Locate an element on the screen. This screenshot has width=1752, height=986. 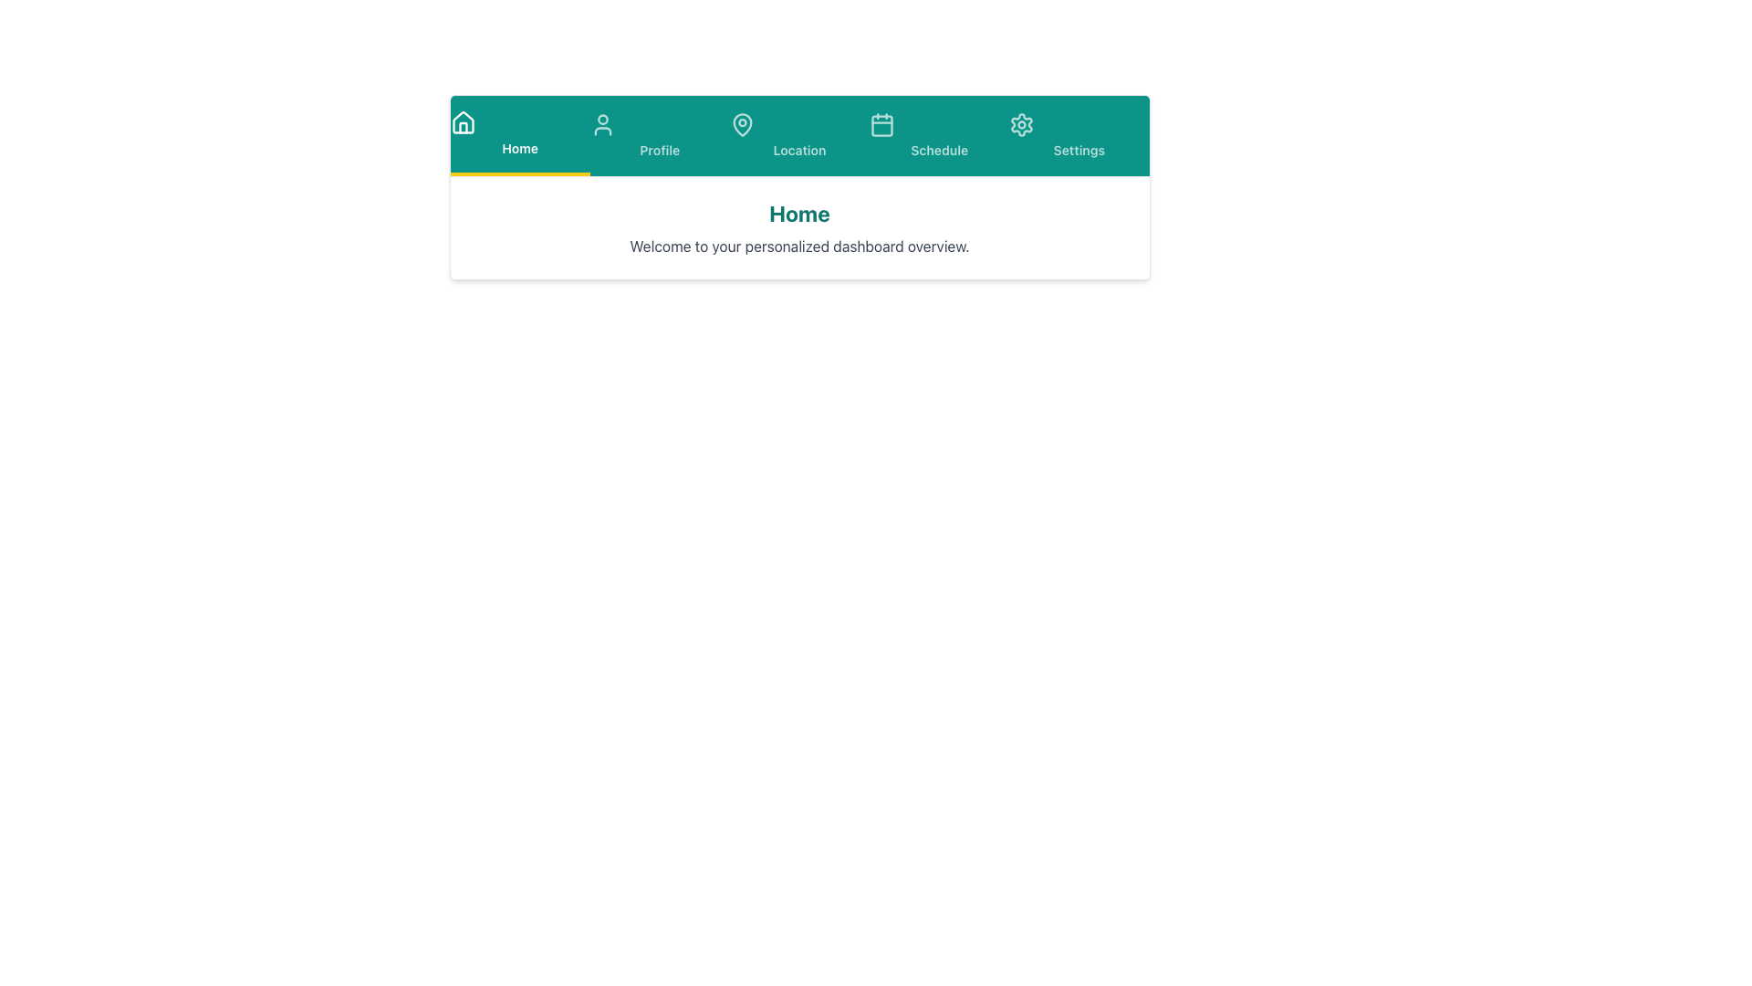
the house-shaped icon located in the top-left corner of the menu bar for accessibility navigation is located at coordinates (463, 123).